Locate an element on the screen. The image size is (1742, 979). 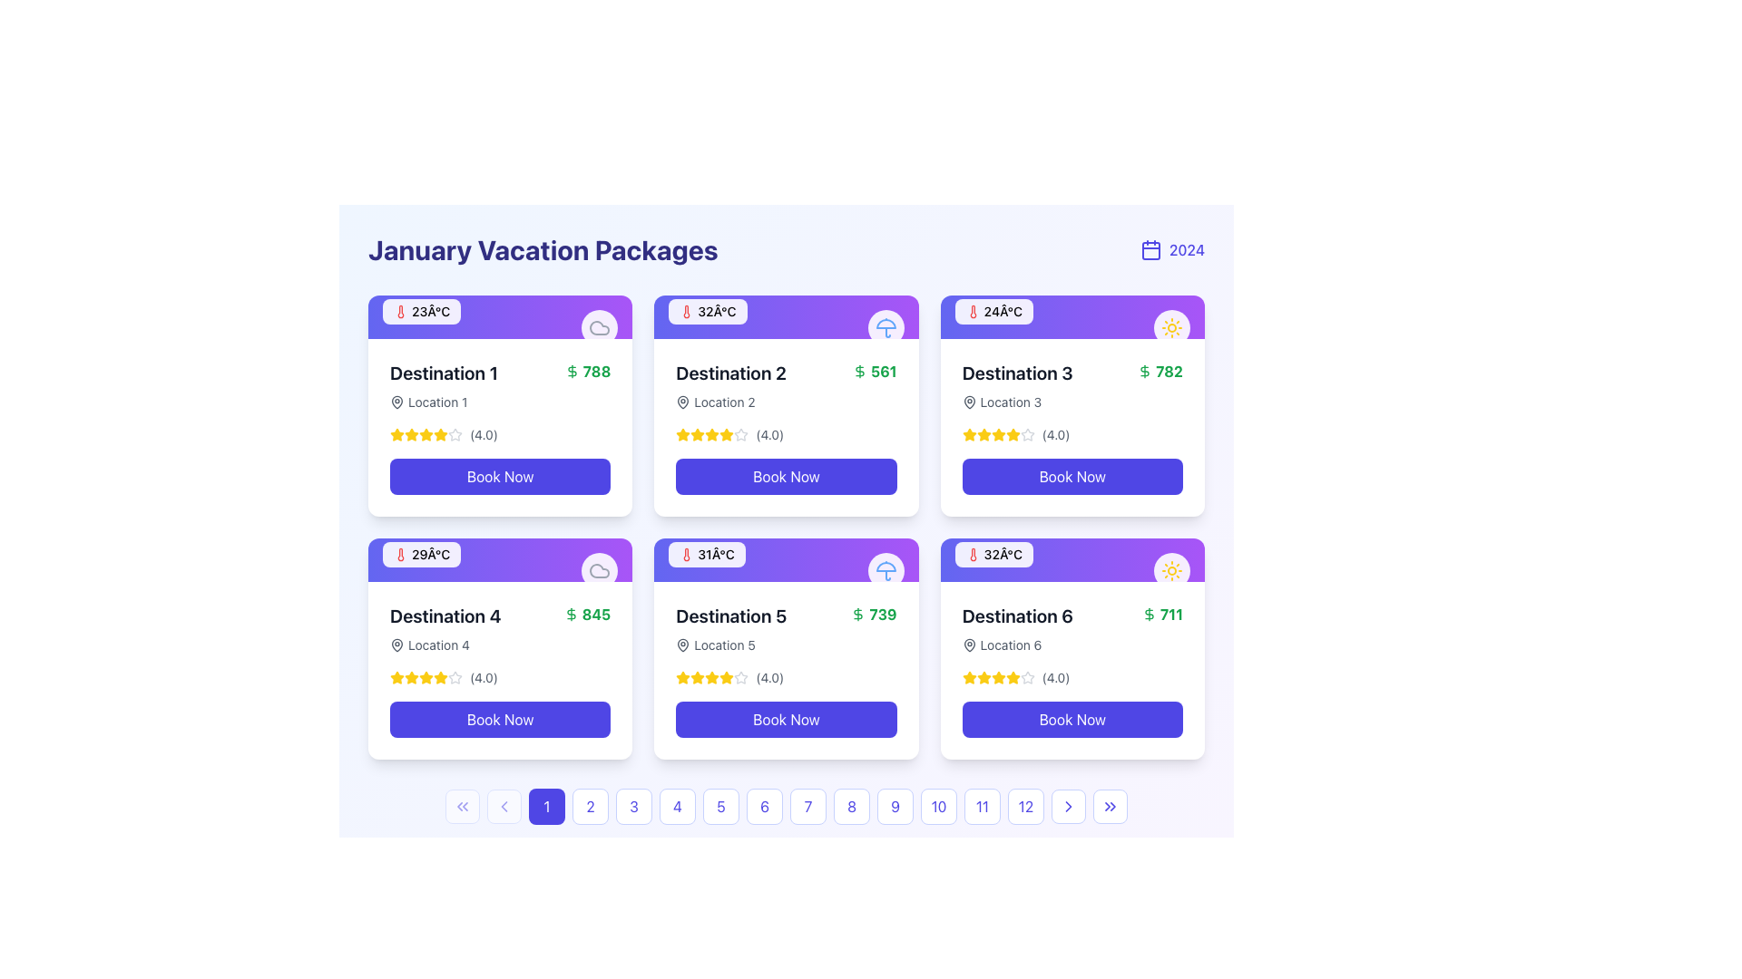
the right-pointing double chevron icon within the rounded button in the pagination bar is located at coordinates (1110, 806).